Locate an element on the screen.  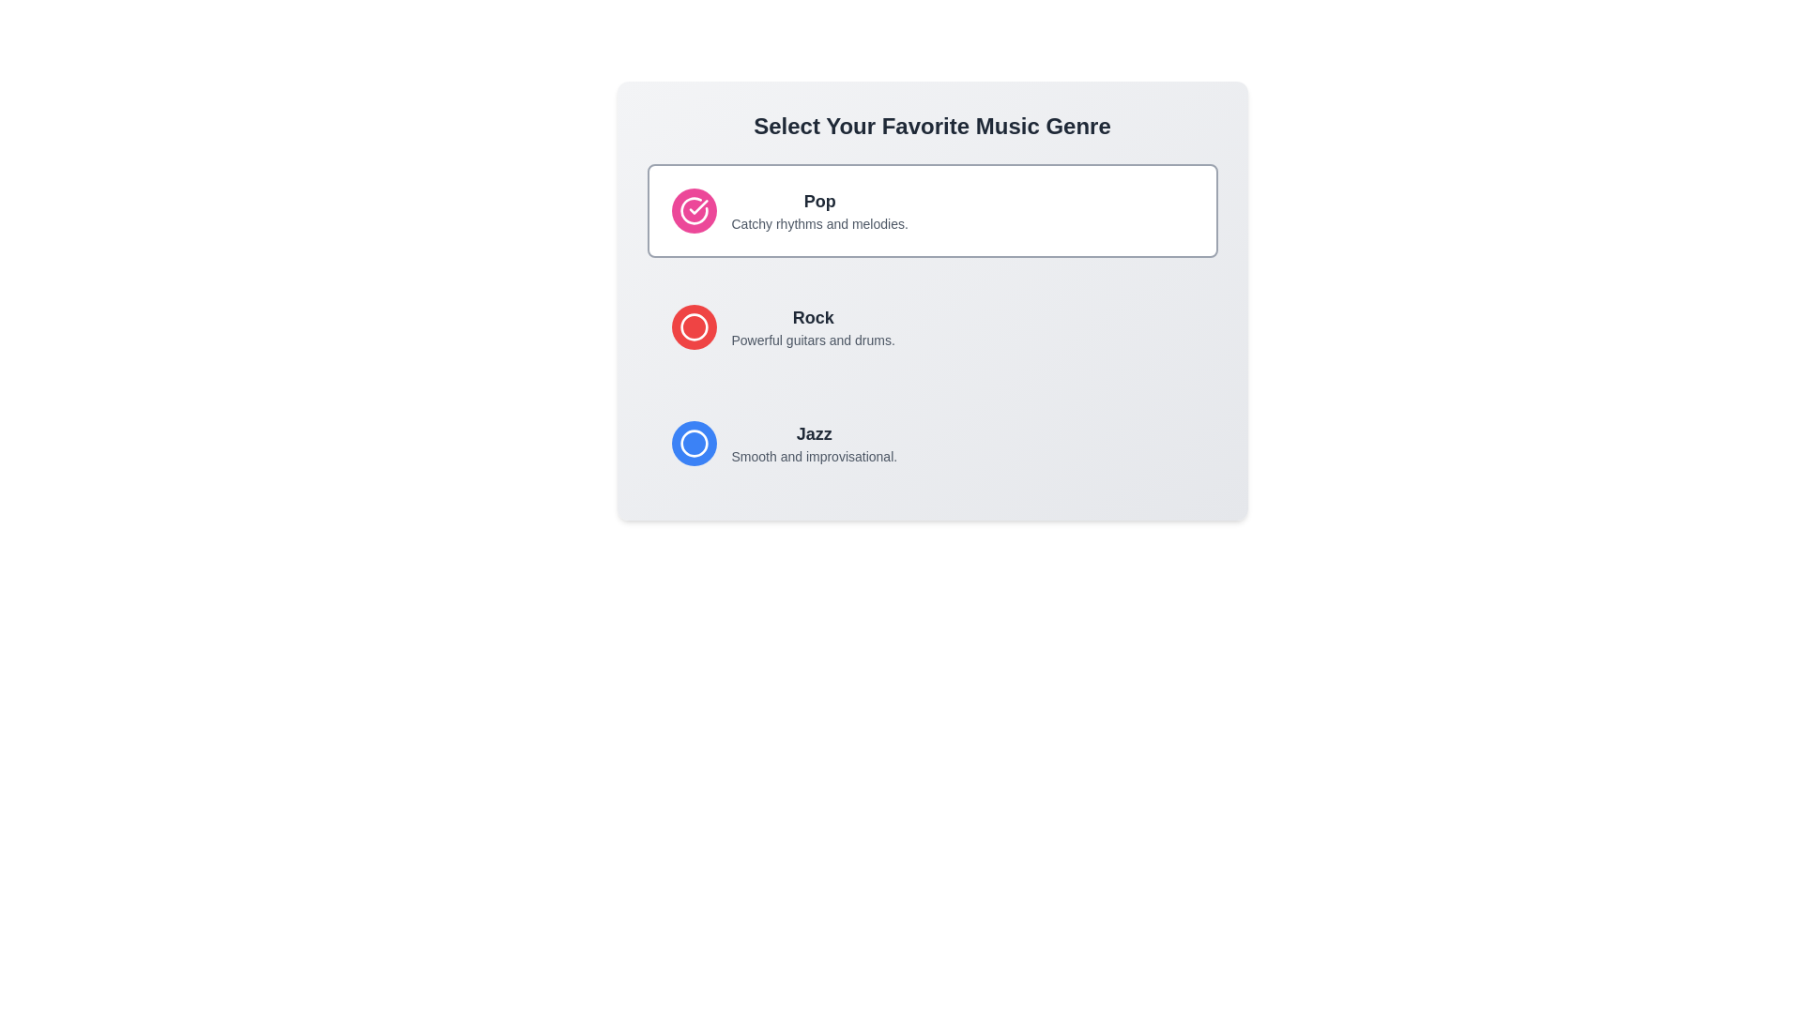
the text label representing the title for the 'Rock' music genre, located above the descriptive text 'Powerful guitars and drums' is located at coordinates (813, 317).